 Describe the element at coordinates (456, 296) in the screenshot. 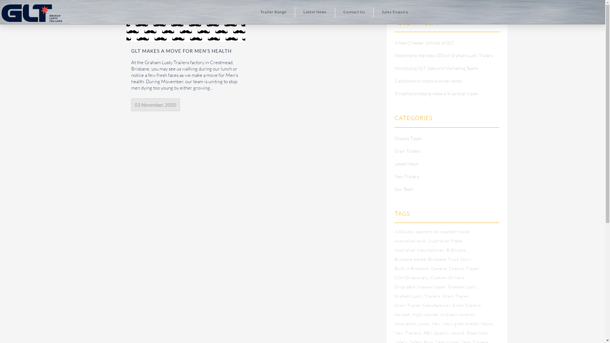

I see `'Grain Trailer'` at that location.